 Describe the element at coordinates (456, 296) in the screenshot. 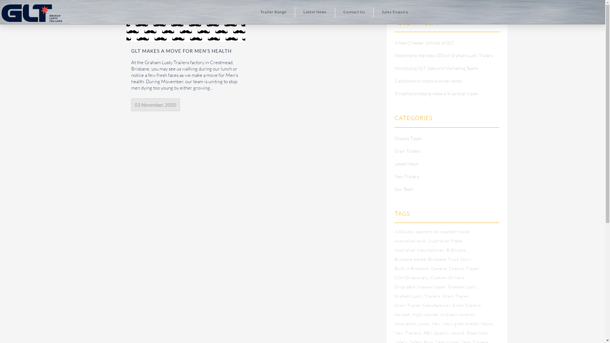

I see `'Grain Trailer'` at that location.